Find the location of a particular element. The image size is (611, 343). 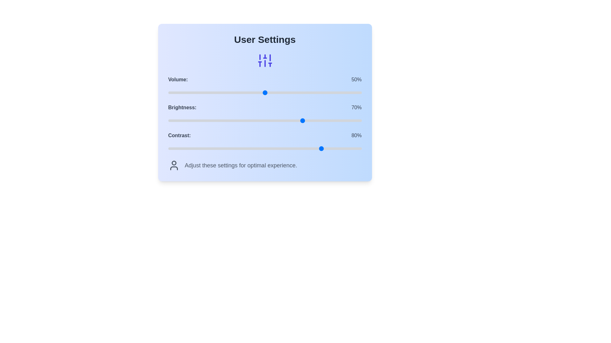

the control panel interface for user settings, which allows adjustments for volume, brightness, and contrast is located at coordinates (265, 102).